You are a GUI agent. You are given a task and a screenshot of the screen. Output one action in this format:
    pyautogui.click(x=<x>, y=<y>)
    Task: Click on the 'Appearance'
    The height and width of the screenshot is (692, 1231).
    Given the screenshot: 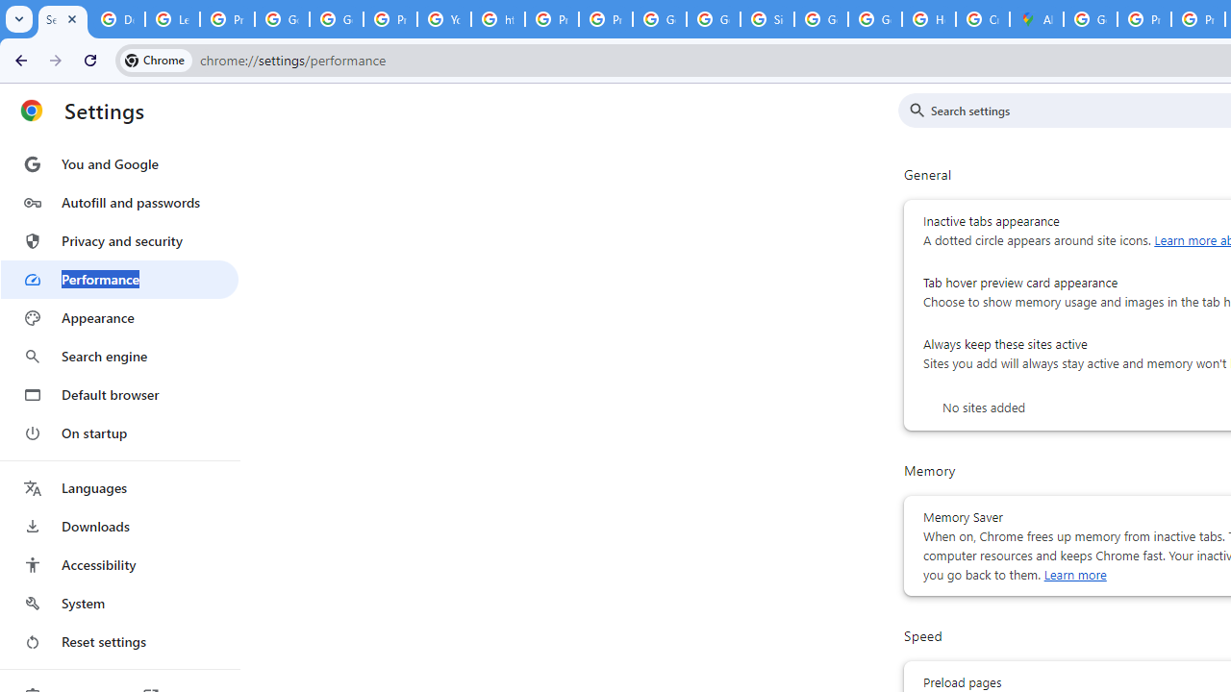 What is the action you would take?
    pyautogui.click(x=118, y=317)
    